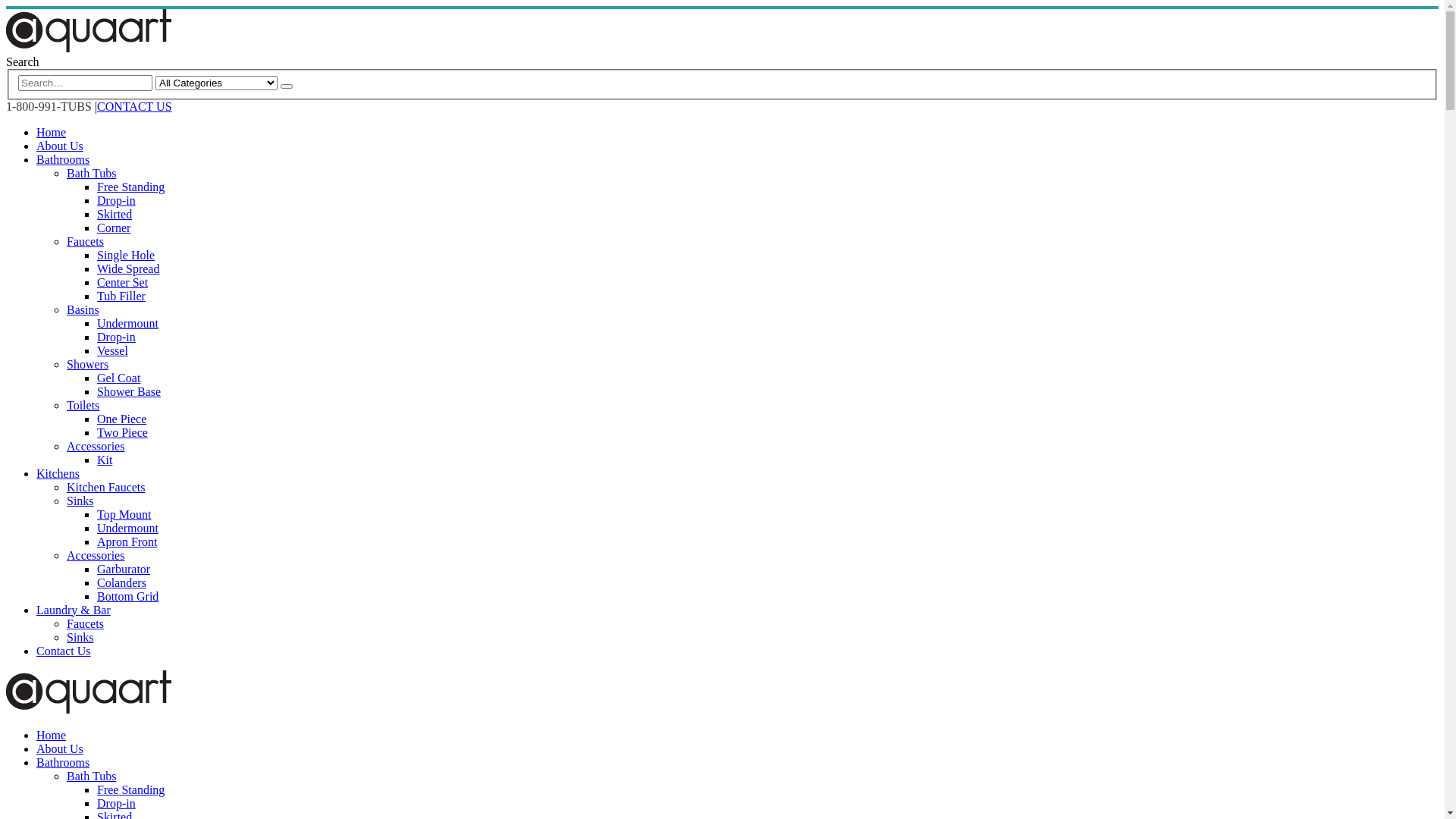 This screenshot has height=819, width=1456. What do you see at coordinates (96, 254) in the screenshot?
I see `'Single Hole'` at bounding box center [96, 254].